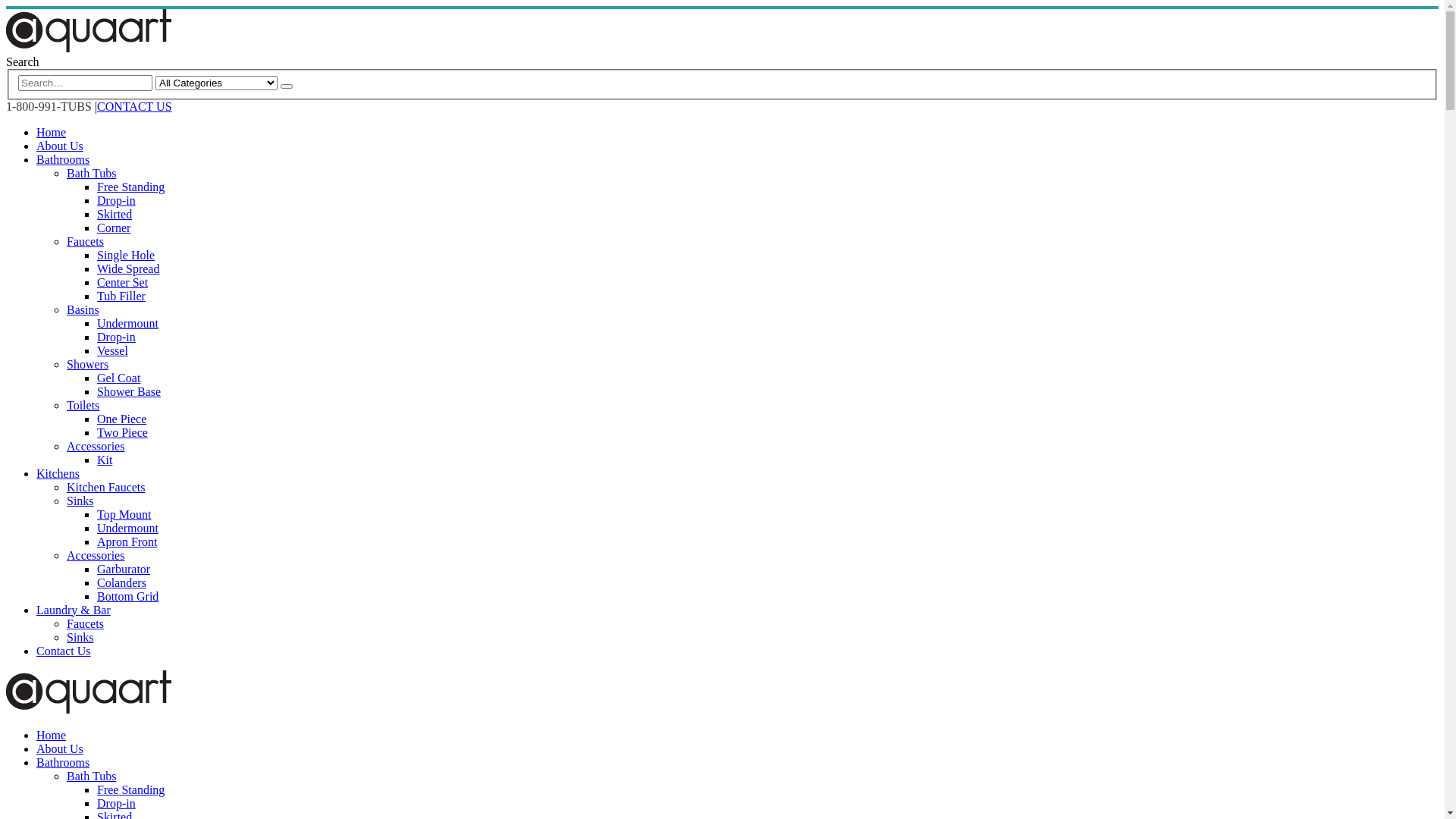 This screenshot has height=819, width=1456. What do you see at coordinates (96, 254) in the screenshot?
I see `'Single Hole'` at bounding box center [96, 254].